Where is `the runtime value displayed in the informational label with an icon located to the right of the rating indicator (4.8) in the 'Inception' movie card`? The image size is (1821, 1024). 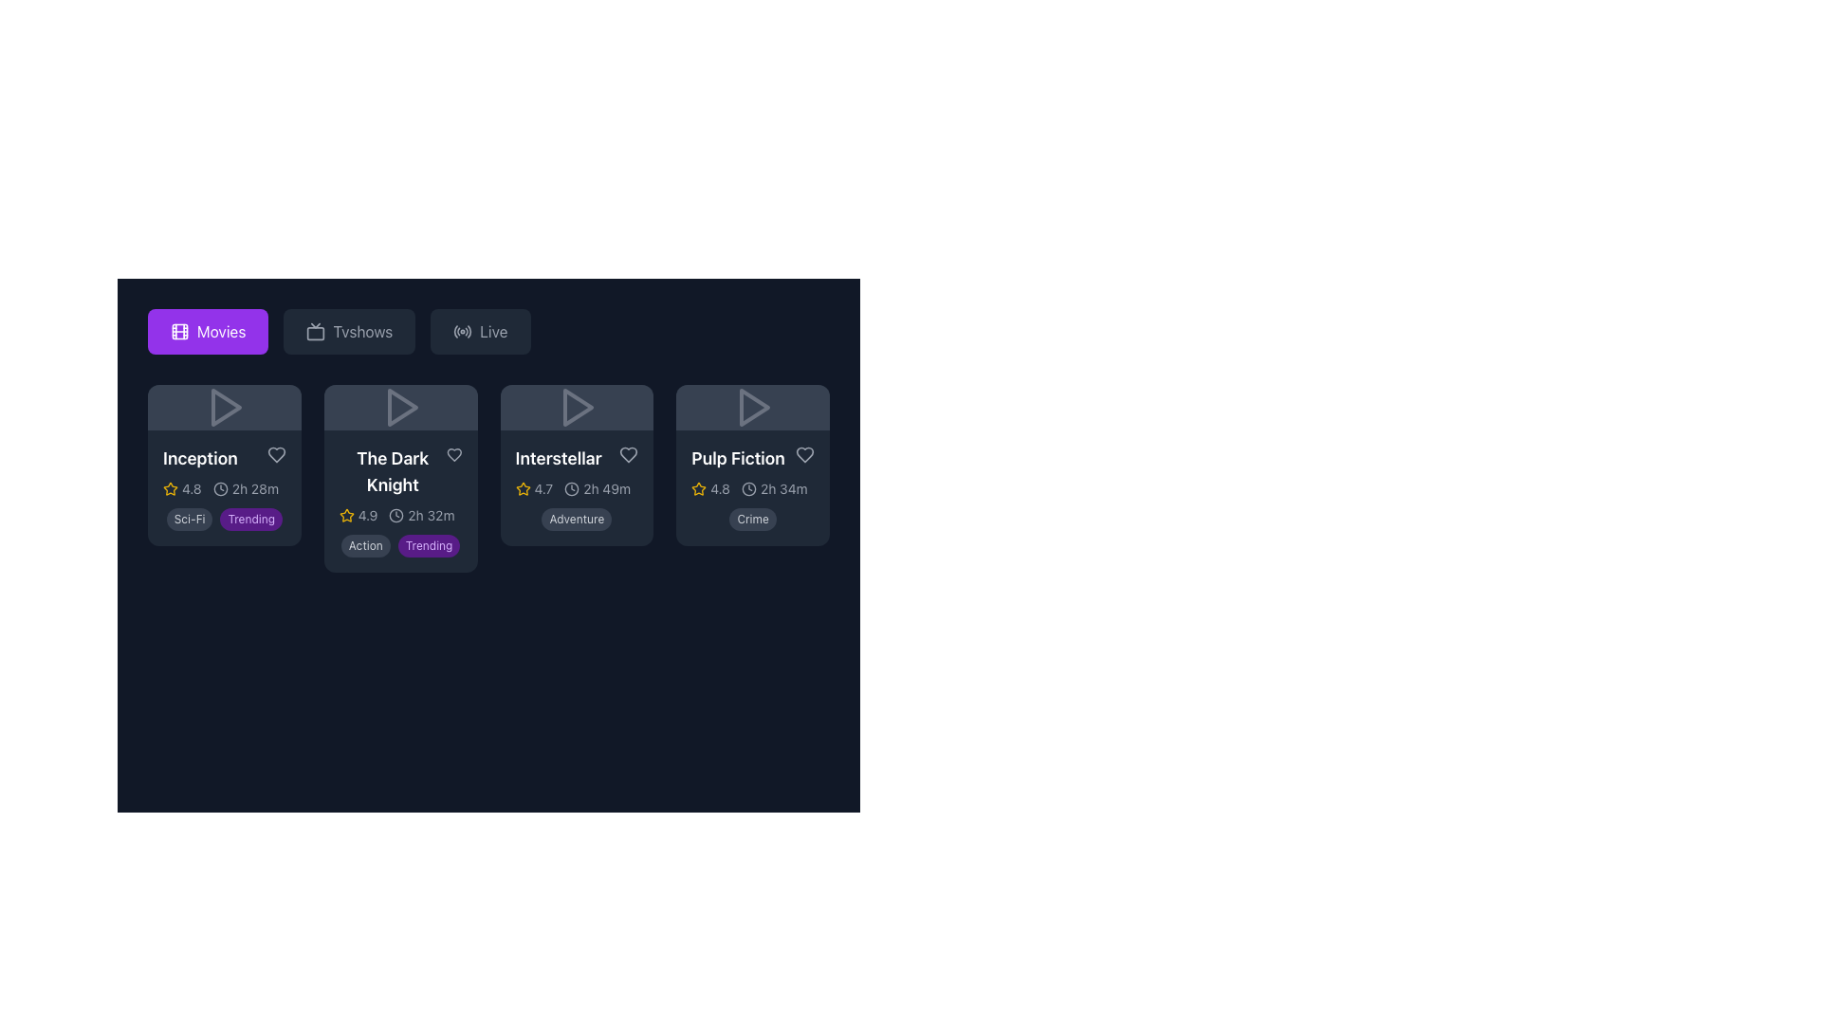 the runtime value displayed in the informational label with an icon located to the right of the rating indicator (4.8) in the 'Inception' movie card is located at coordinates (245, 488).